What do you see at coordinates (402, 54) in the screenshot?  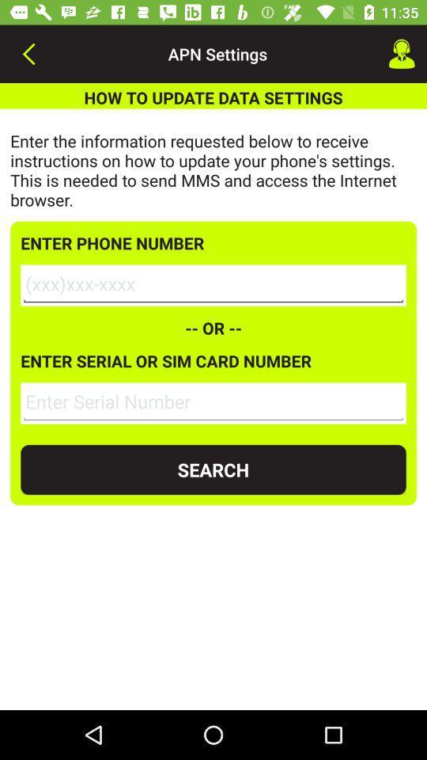 I see `icon to the right of the apn settings icon` at bounding box center [402, 54].